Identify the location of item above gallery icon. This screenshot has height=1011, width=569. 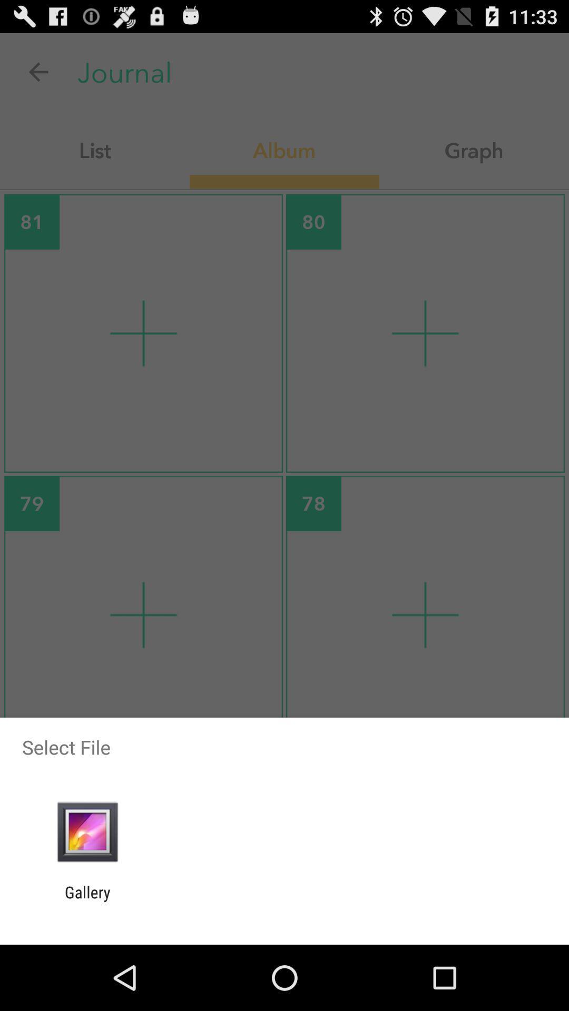
(87, 831).